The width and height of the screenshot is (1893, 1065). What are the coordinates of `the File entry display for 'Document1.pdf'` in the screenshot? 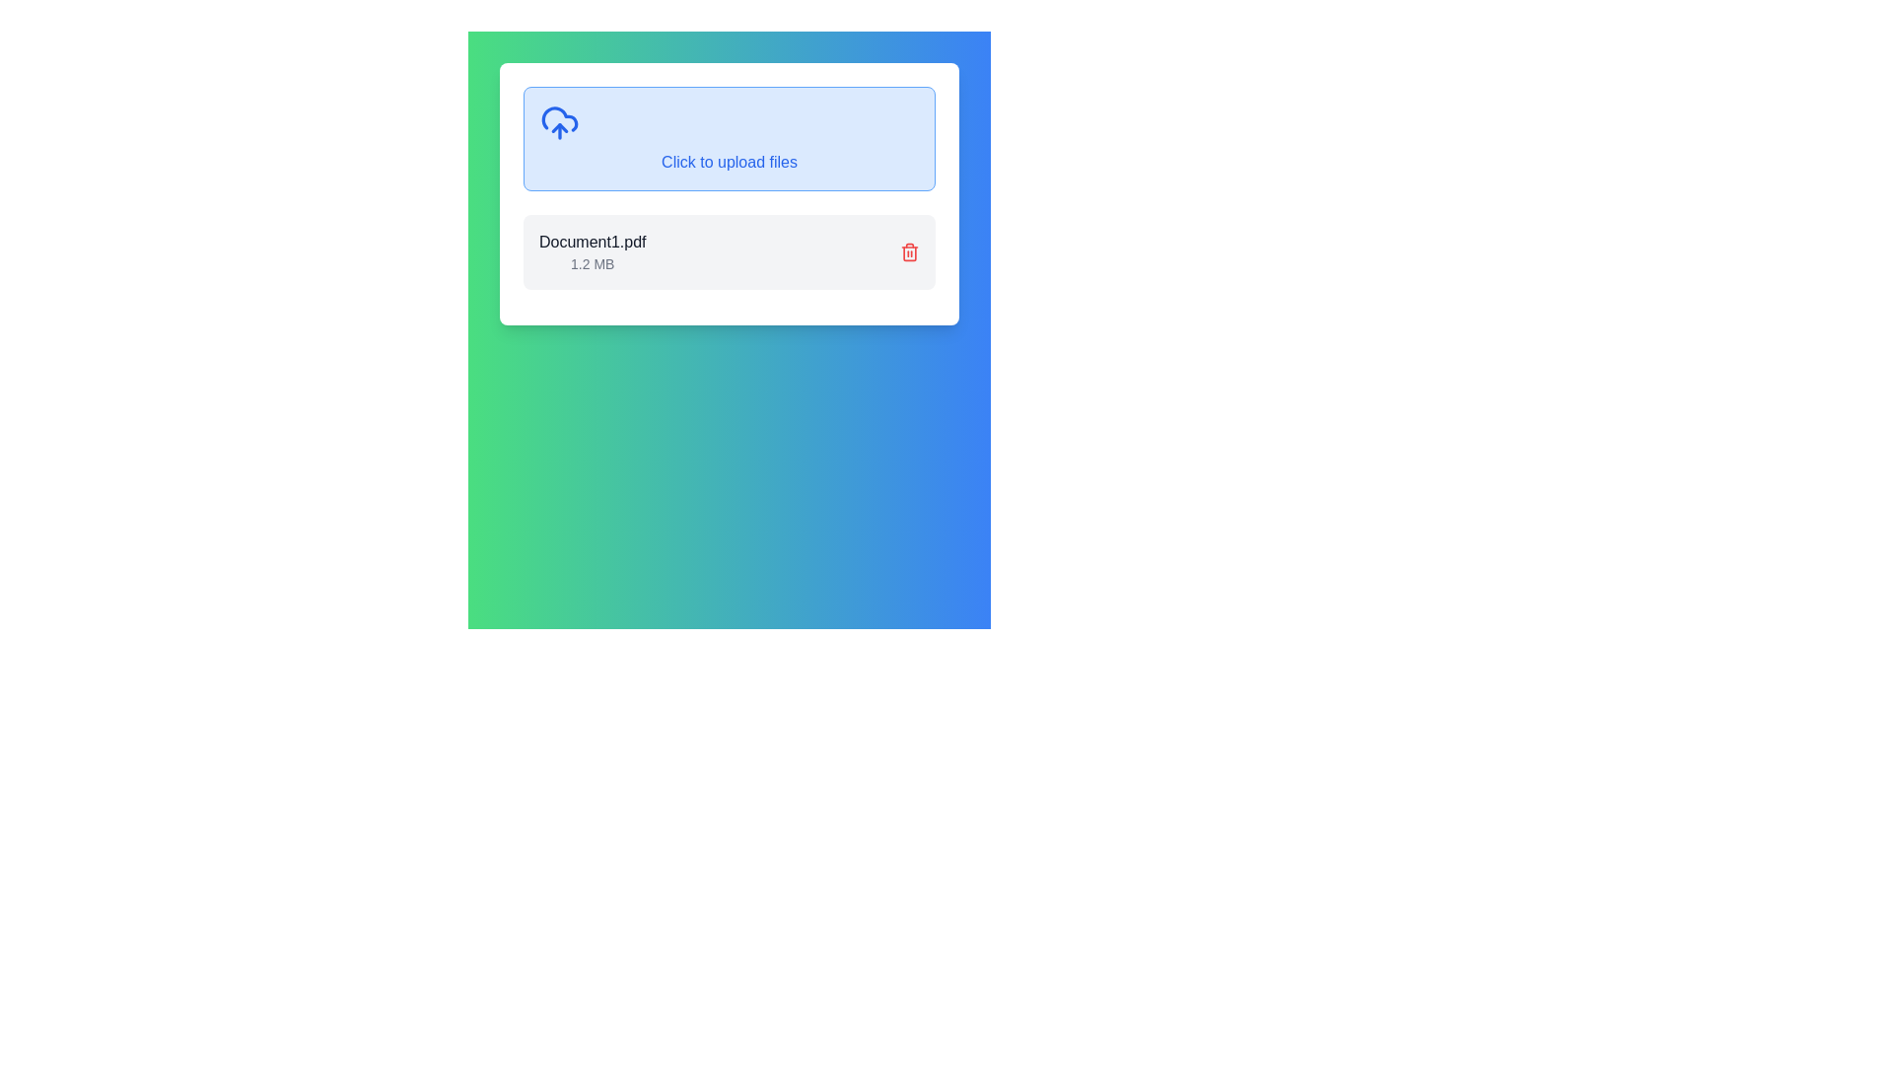 It's located at (591, 250).